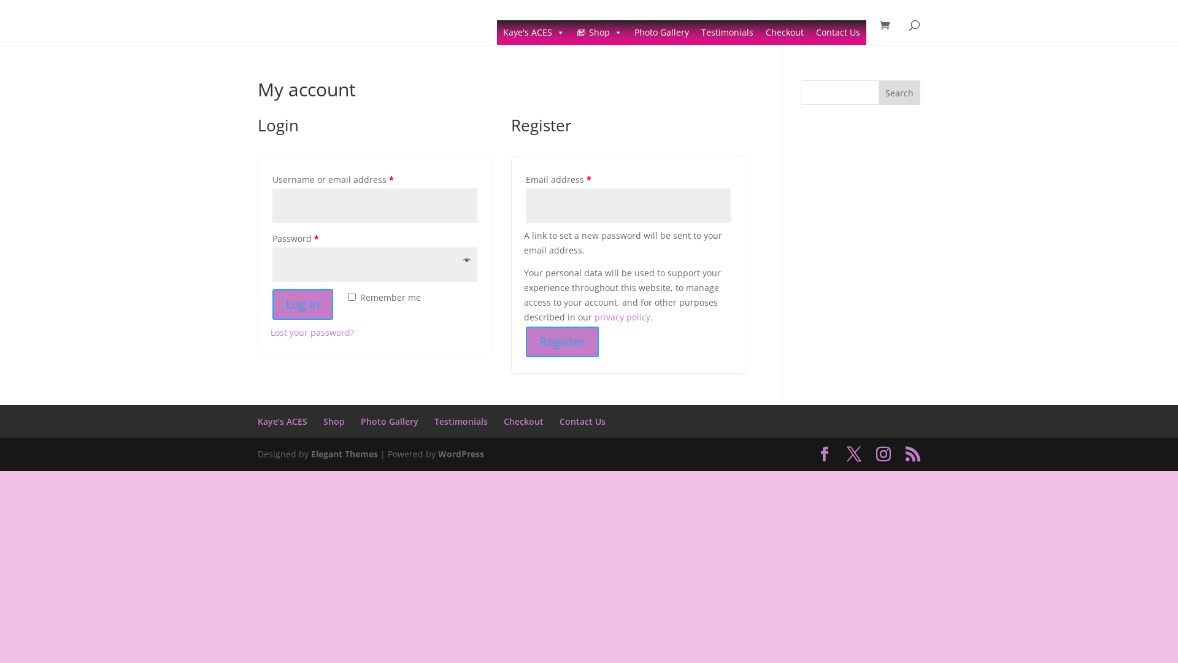 Image resolution: width=1178 pixels, height=663 pixels. Describe the element at coordinates (388, 421) in the screenshot. I see `'Photo Gallery'` at that location.